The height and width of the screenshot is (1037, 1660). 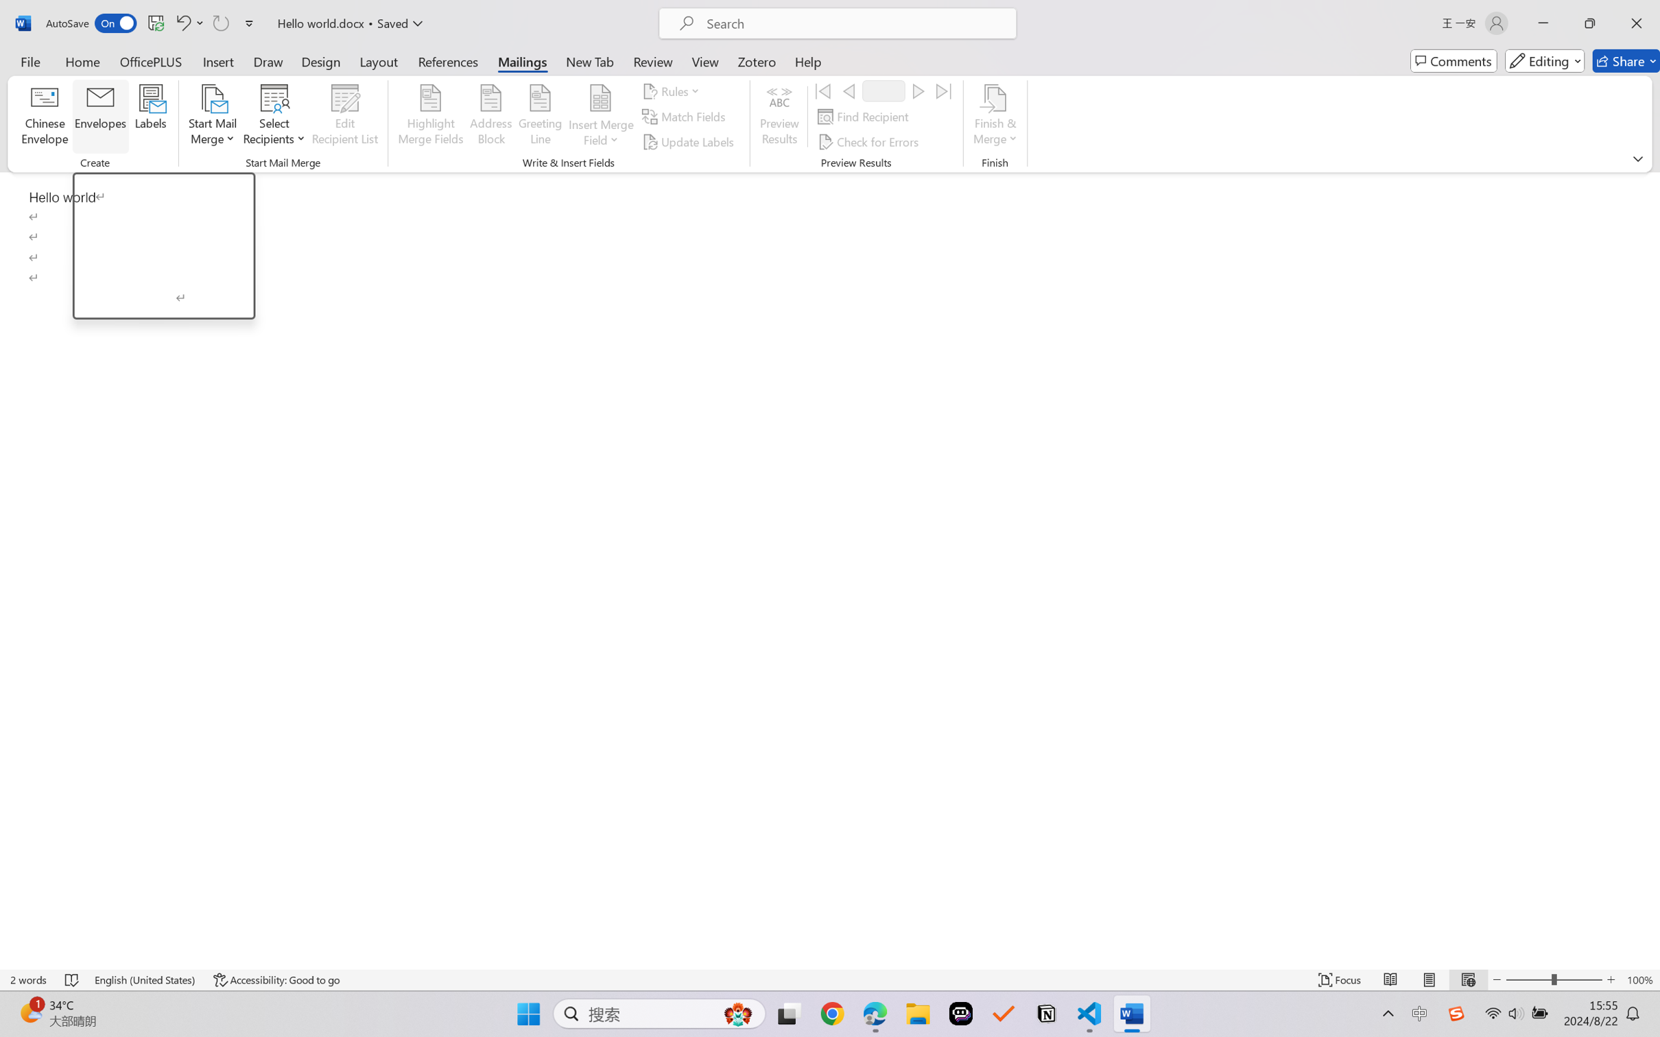 I want to click on 'Zoom In', so click(x=1611, y=979).